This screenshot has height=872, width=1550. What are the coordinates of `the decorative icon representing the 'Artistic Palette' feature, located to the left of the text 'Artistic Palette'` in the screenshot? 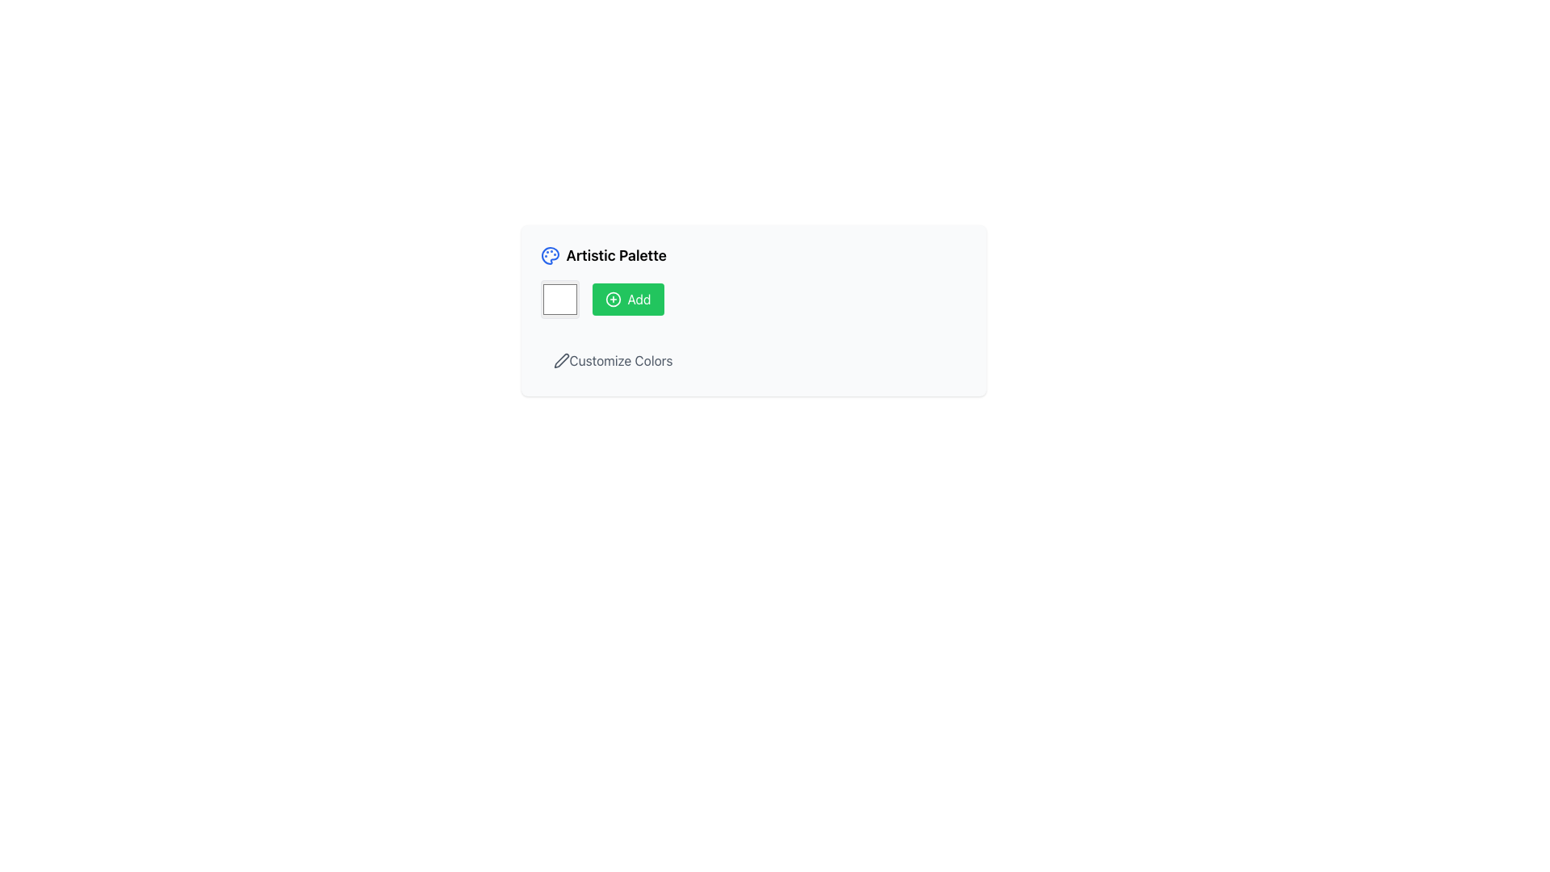 It's located at (550, 254).